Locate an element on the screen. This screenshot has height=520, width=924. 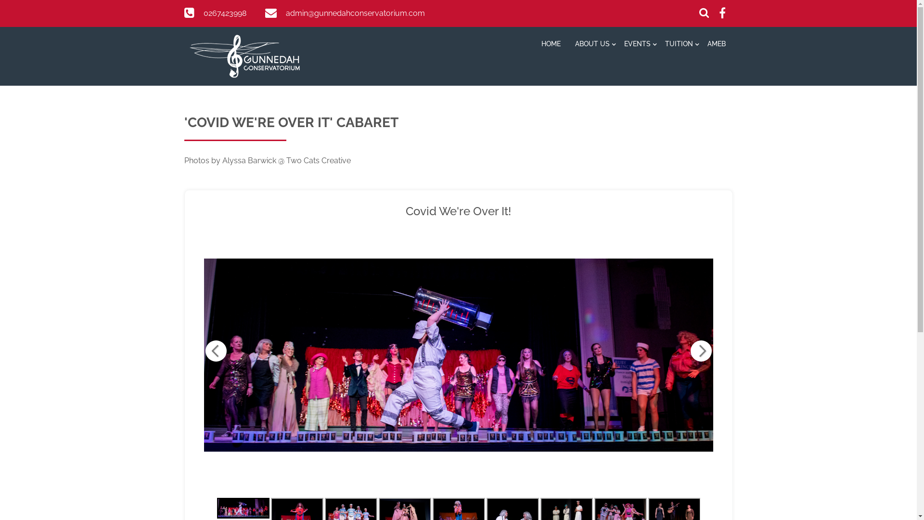
'Next Image' is located at coordinates (700, 351).